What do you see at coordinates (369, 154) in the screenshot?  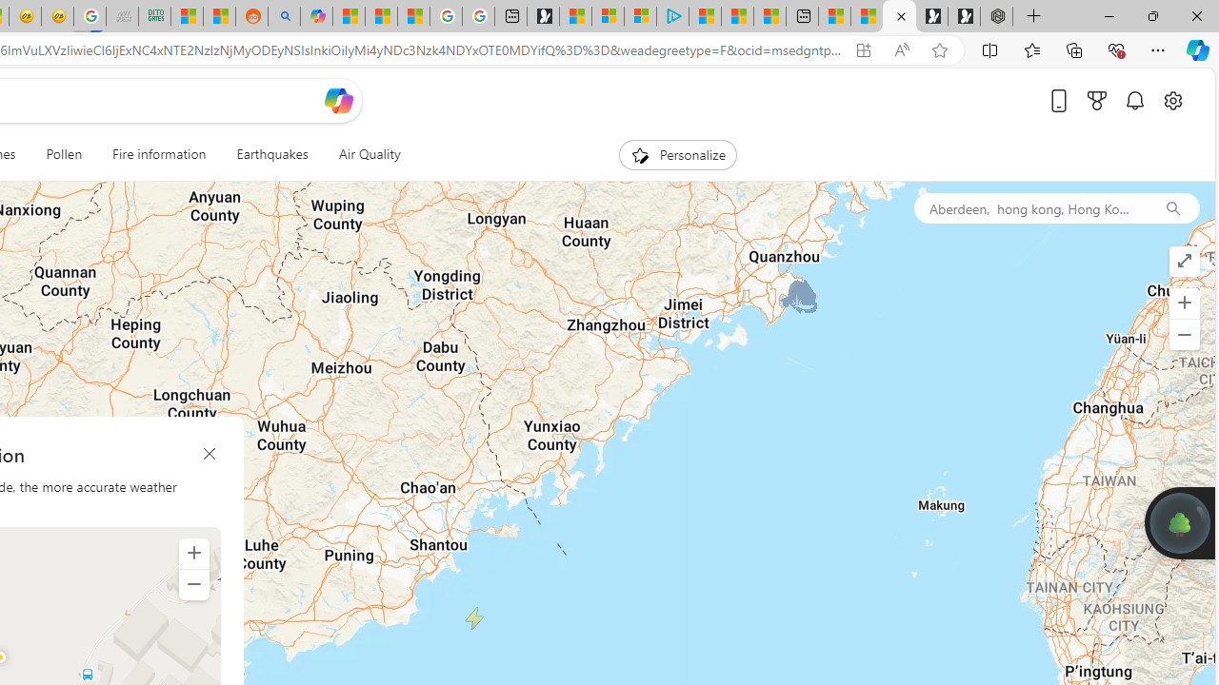 I see `'Air Quality'` at bounding box center [369, 154].